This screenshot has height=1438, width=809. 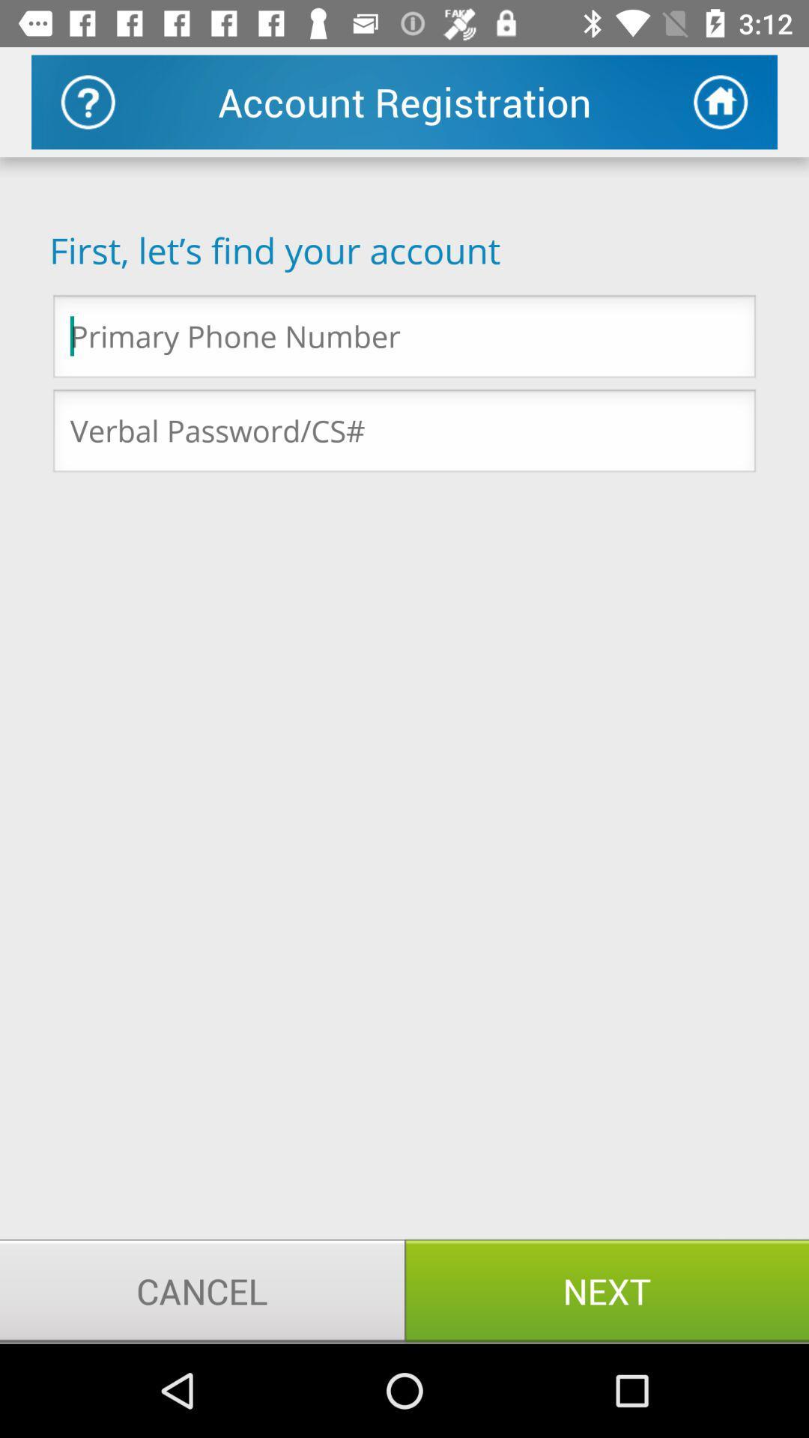 What do you see at coordinates (202, 1290) in the screenshot?
I see `the icon next to the next icon` at bounding box center [202, 1290].